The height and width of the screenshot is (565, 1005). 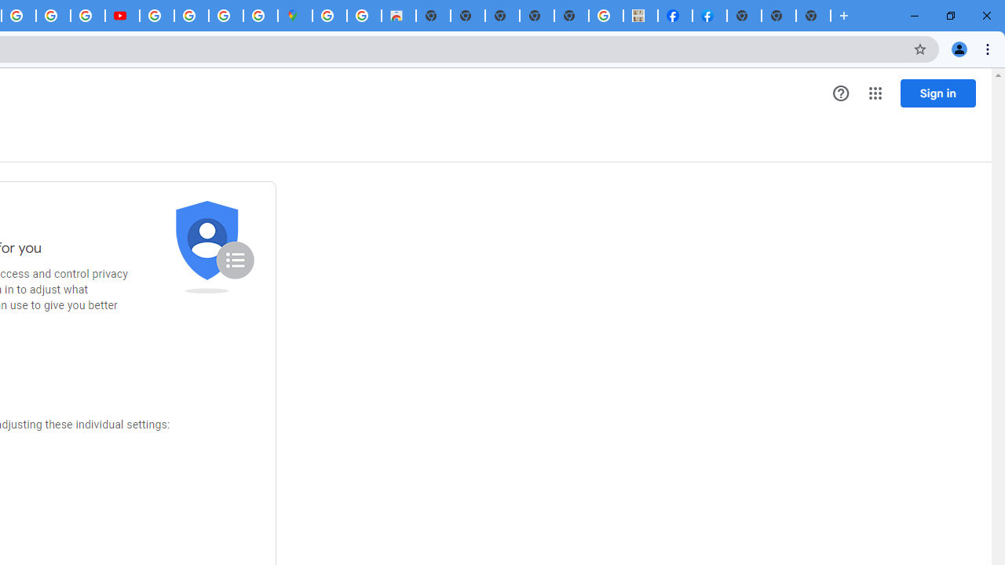 What do you see at coordinates (53, 16) in the screenshot?
I see `'Privacy Help Center - Policies Help'` at bounding box center [53, 16].